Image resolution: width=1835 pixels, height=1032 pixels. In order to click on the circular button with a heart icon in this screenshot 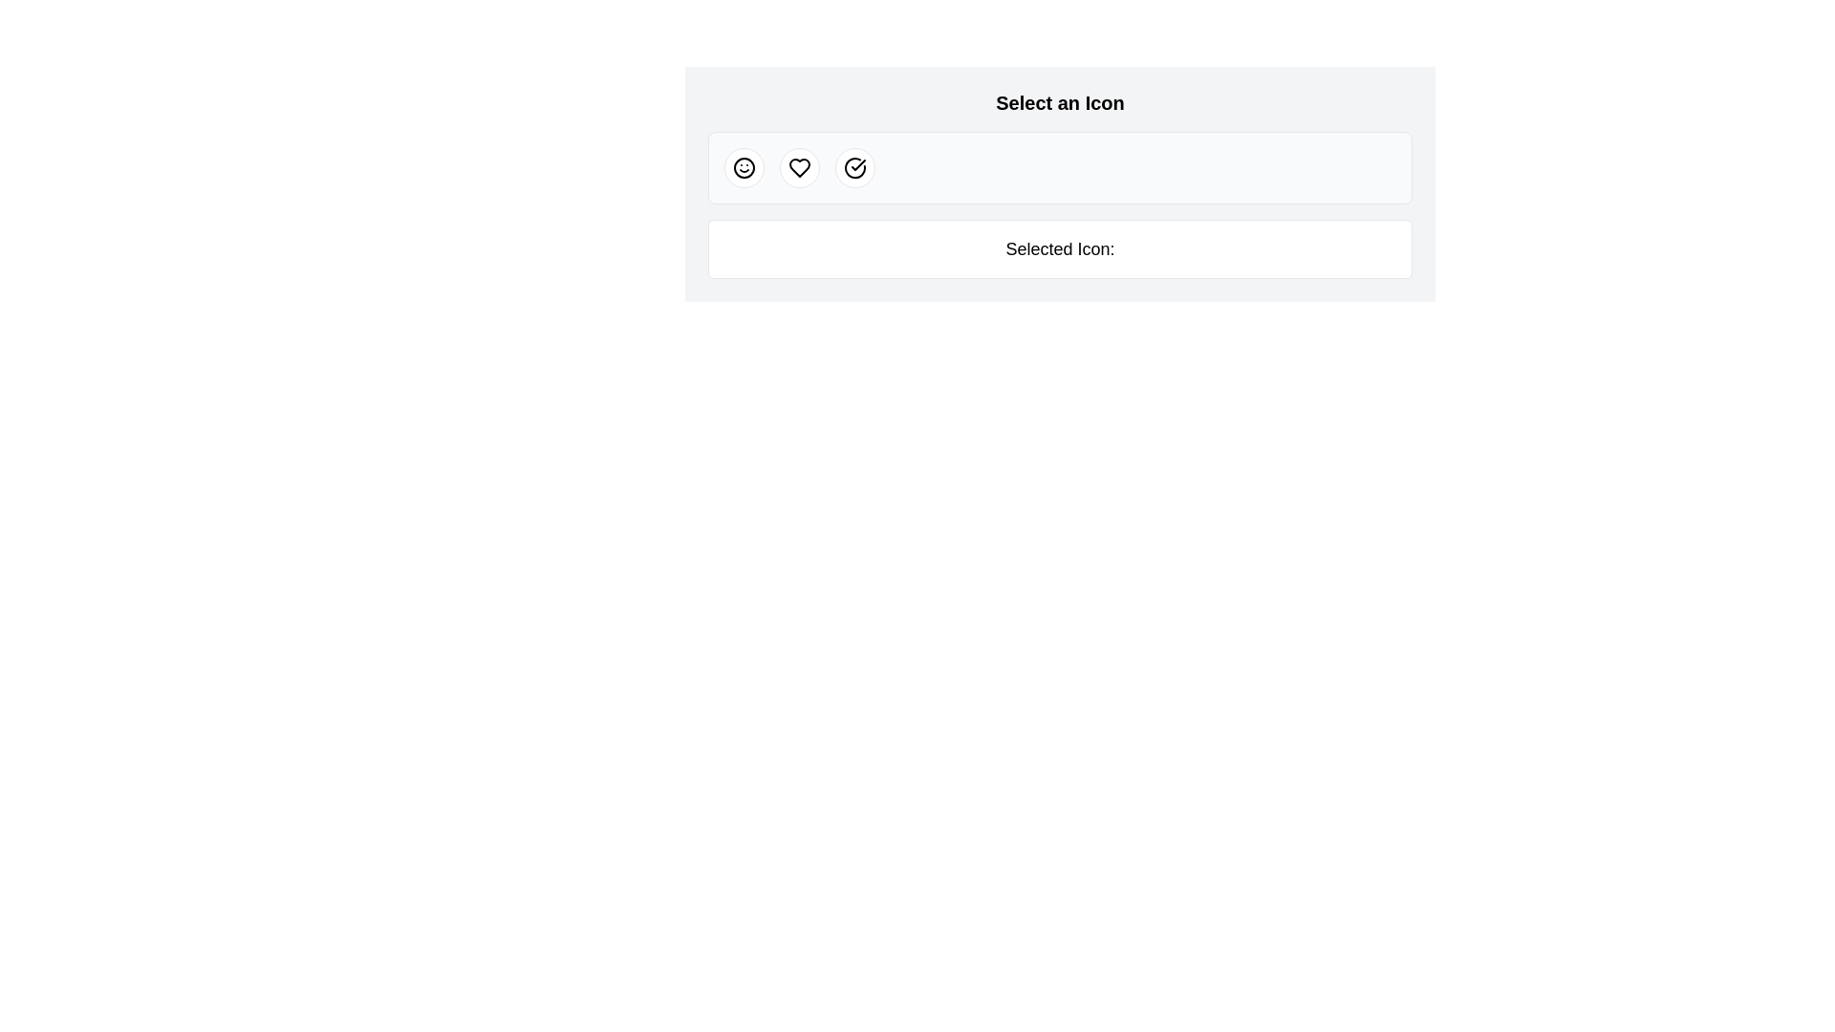, I will do `click(799, 167)`.